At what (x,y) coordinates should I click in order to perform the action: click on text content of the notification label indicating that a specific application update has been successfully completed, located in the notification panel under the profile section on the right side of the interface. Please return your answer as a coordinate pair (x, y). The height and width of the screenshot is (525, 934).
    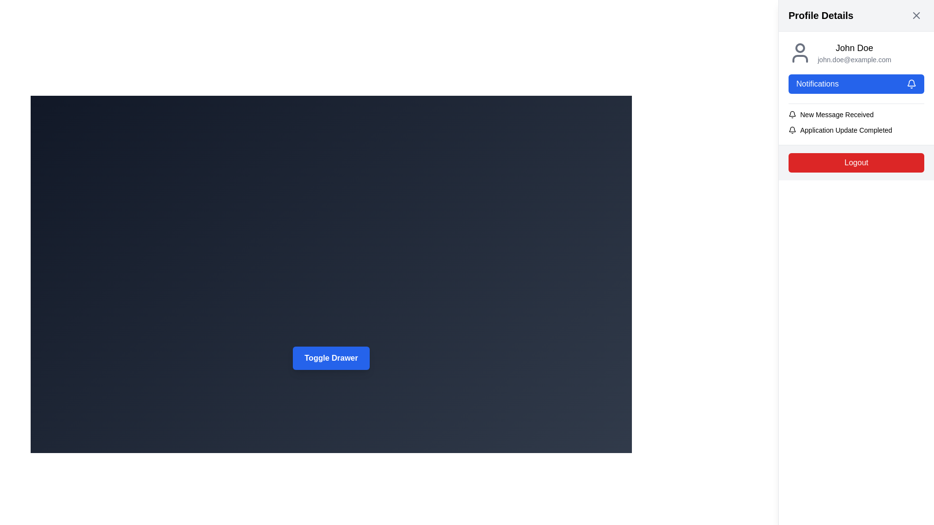
    Looking at the image, I should click on (845, 129).